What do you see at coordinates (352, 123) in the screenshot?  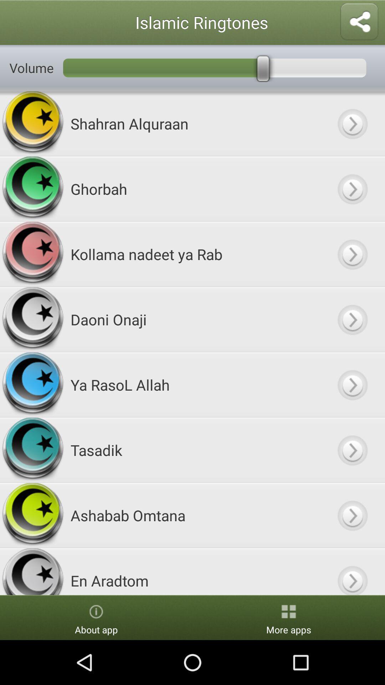 I see `switch` at bounding box center [352, 123].